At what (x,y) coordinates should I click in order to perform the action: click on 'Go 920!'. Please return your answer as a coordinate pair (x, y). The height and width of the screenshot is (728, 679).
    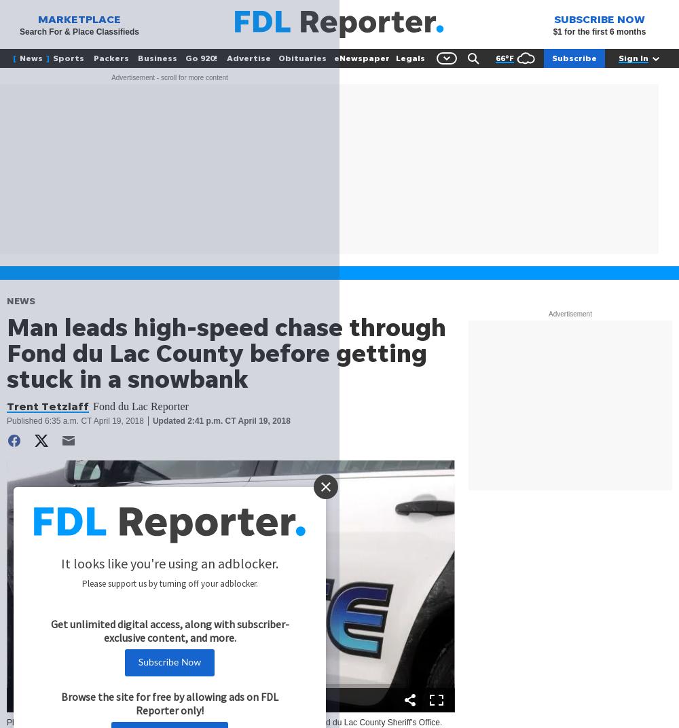
    Looking at the image, I should click on (201, 58).